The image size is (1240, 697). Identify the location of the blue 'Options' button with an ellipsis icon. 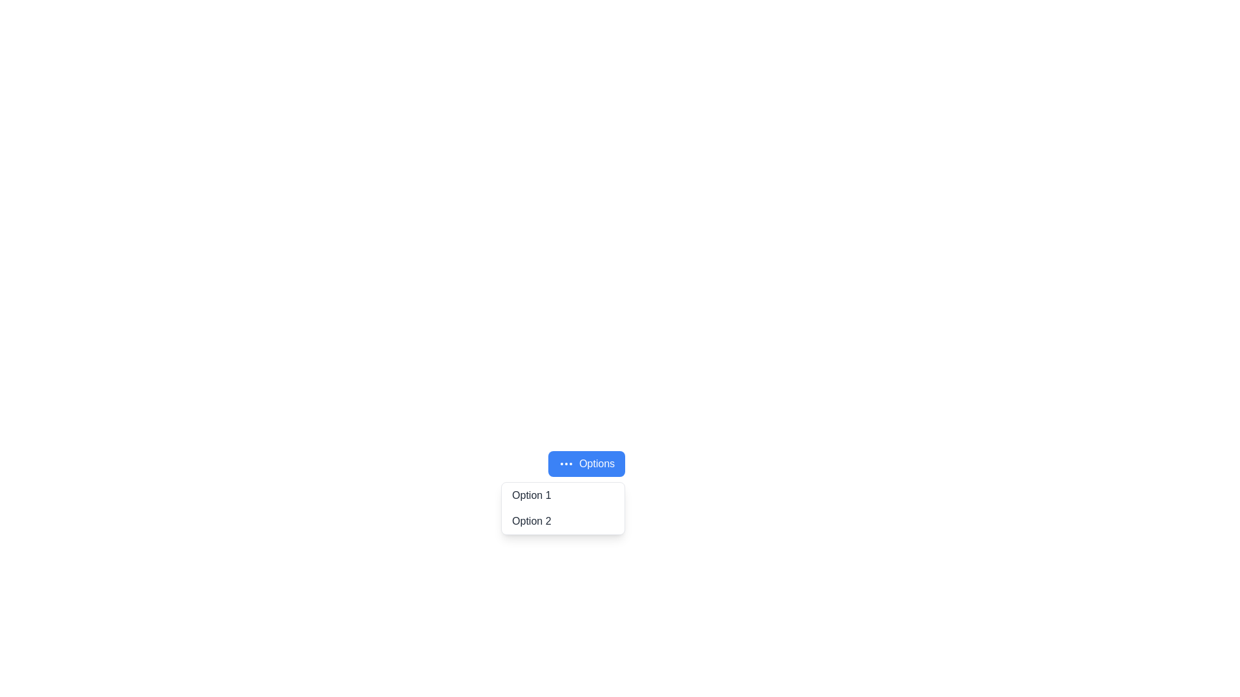
(585, 463).